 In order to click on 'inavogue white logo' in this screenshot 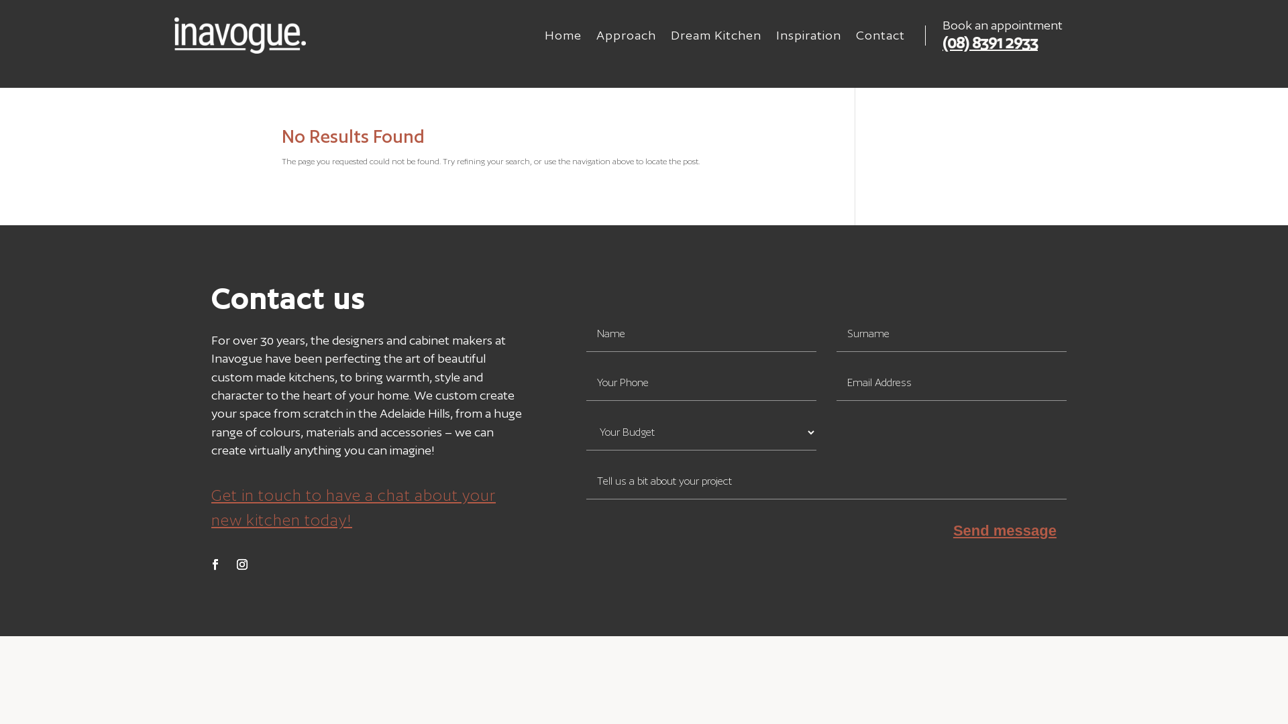, I will do `click(173, 35)`.